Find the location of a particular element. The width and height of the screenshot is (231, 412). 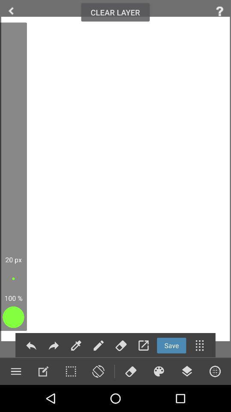

menu is located at coordinates (76, 345).